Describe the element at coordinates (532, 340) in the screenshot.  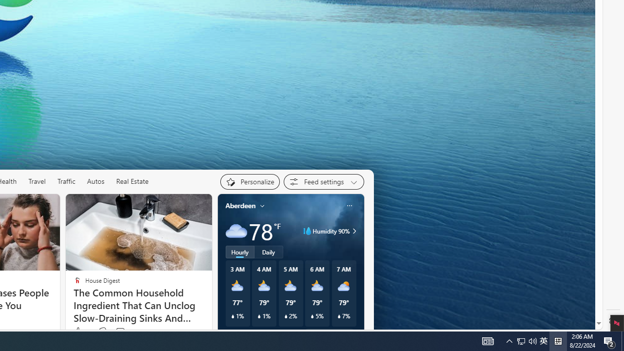
I see `'User Promoted Notification Area'` at that location.